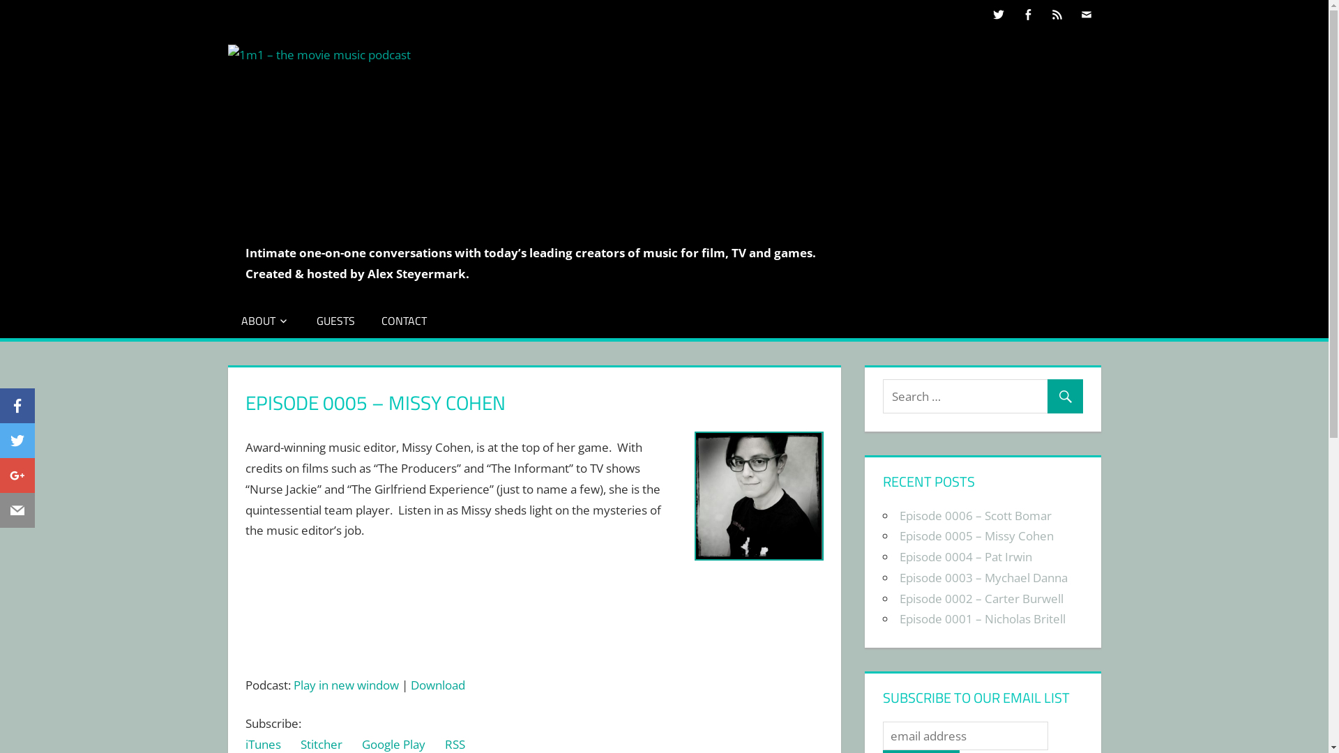 This screenshot has width=1339, height=753. I want to click on 'Play in new window', so click(346, 684).